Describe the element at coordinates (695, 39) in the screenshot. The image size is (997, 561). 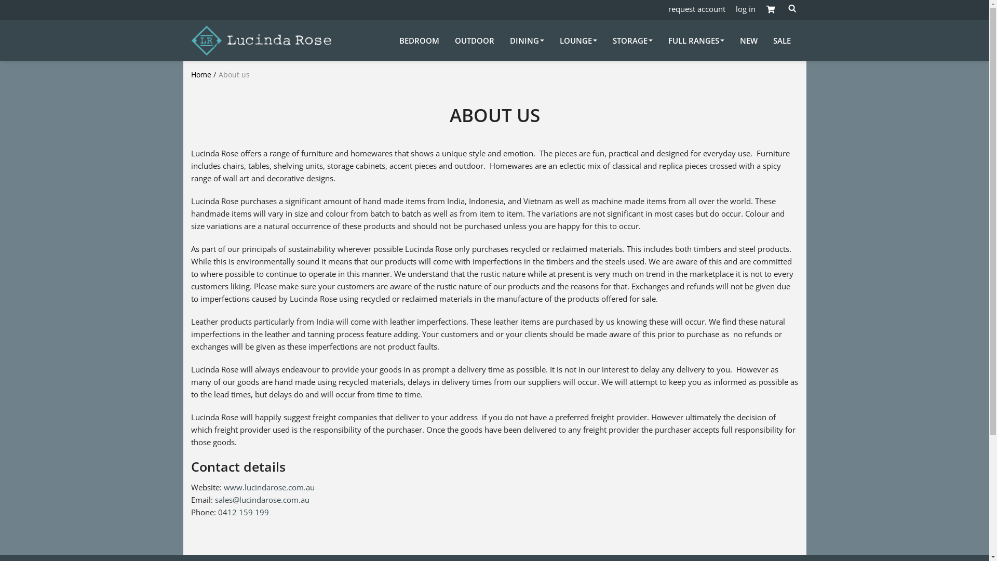
I see `'FULL RANGES'` at that location.